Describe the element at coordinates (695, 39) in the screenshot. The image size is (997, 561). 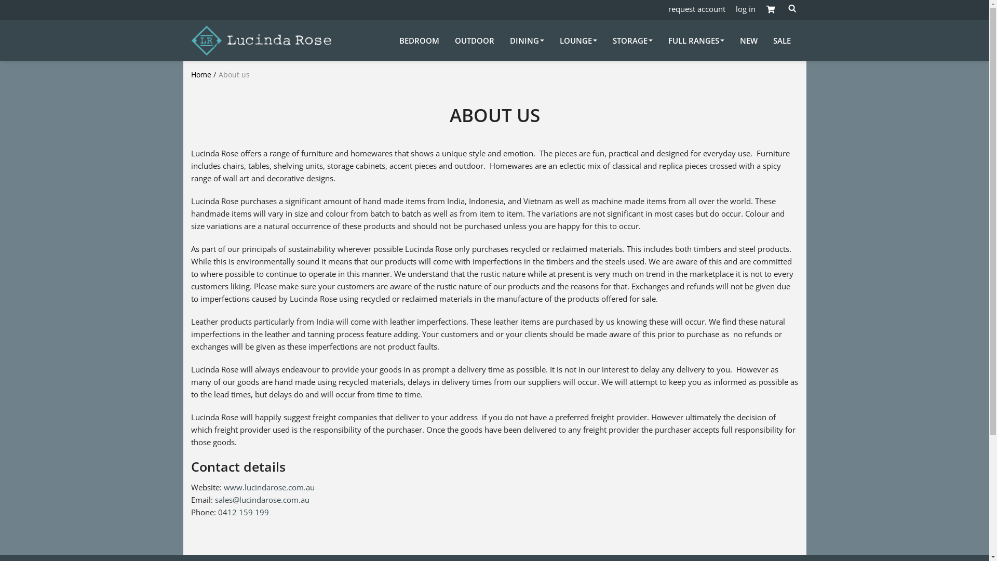
I see `'FULL RANGES'` at that location.